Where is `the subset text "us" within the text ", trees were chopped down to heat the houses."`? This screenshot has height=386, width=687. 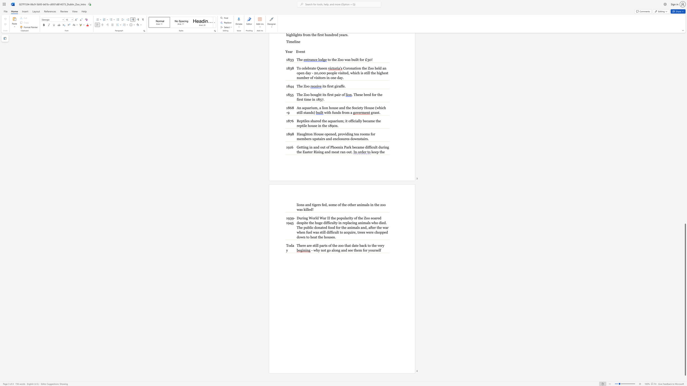 the subset text "us" within the text ", trees were chopped down to heat the houses." is located at coordinates (328, 237).